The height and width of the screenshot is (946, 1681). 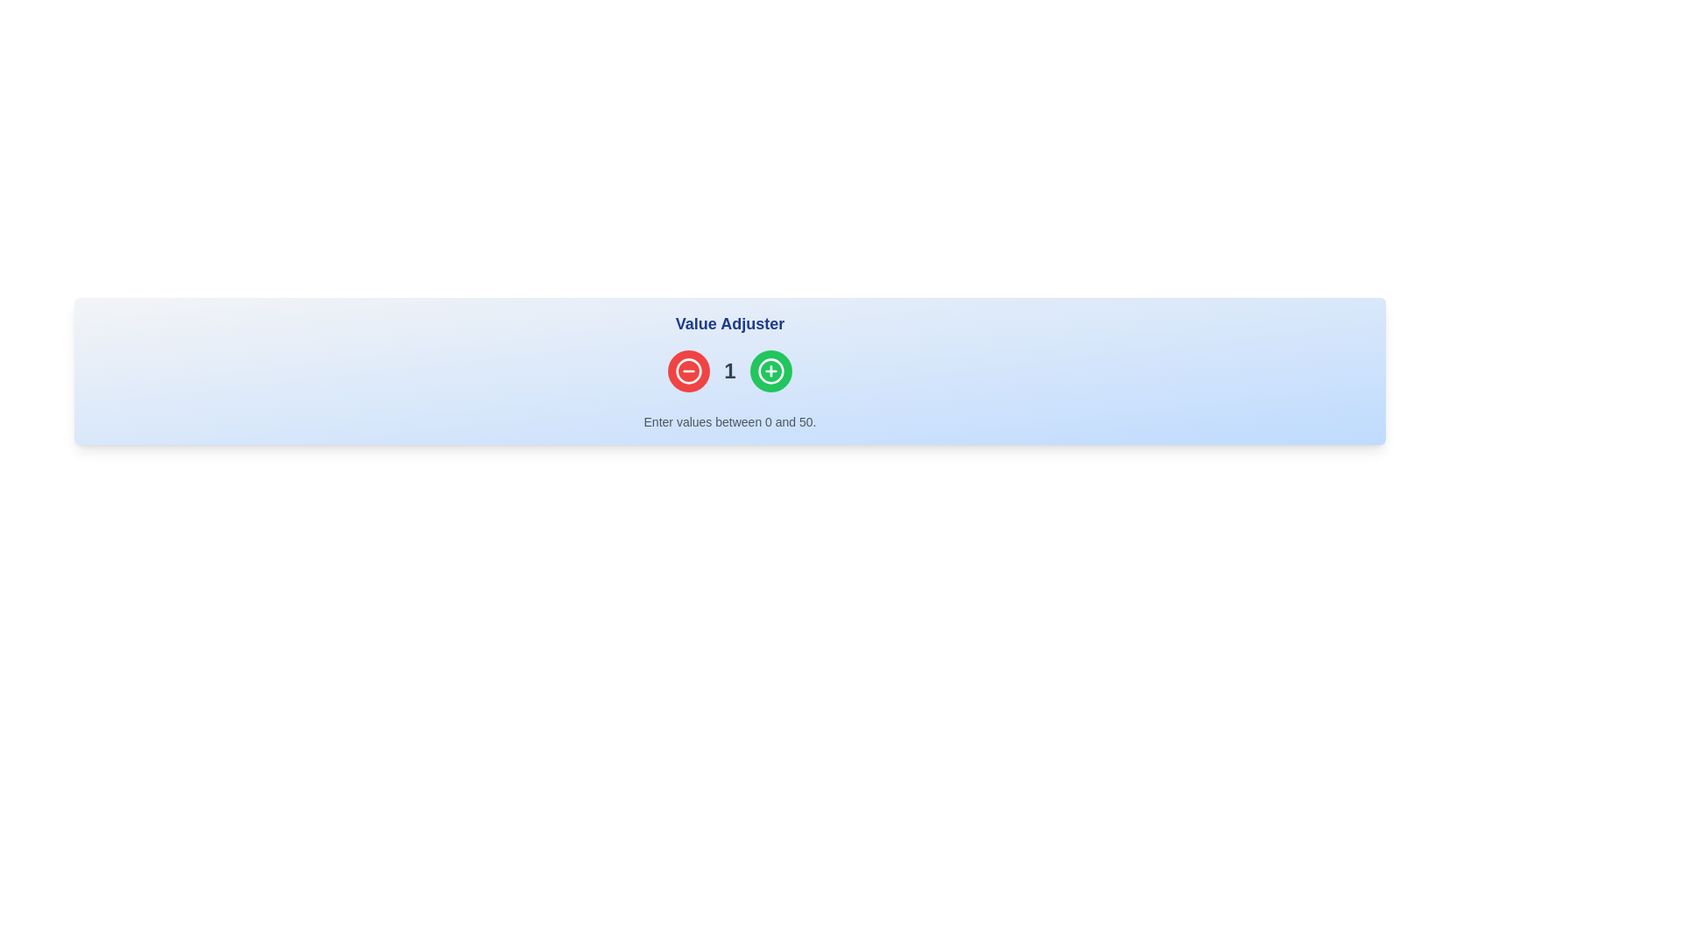 I want to click on the increment button located on the far right side of the 'Value Adjuster' section, so click(x=770, y=371).